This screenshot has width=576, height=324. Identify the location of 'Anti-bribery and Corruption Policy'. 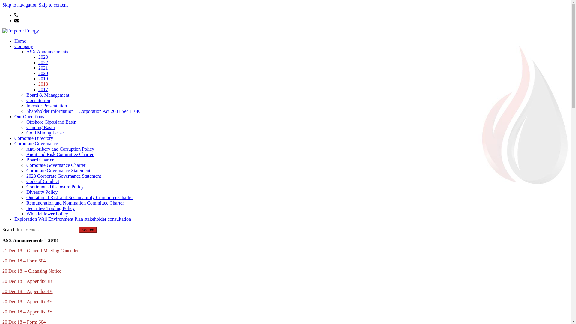
(60, 148).